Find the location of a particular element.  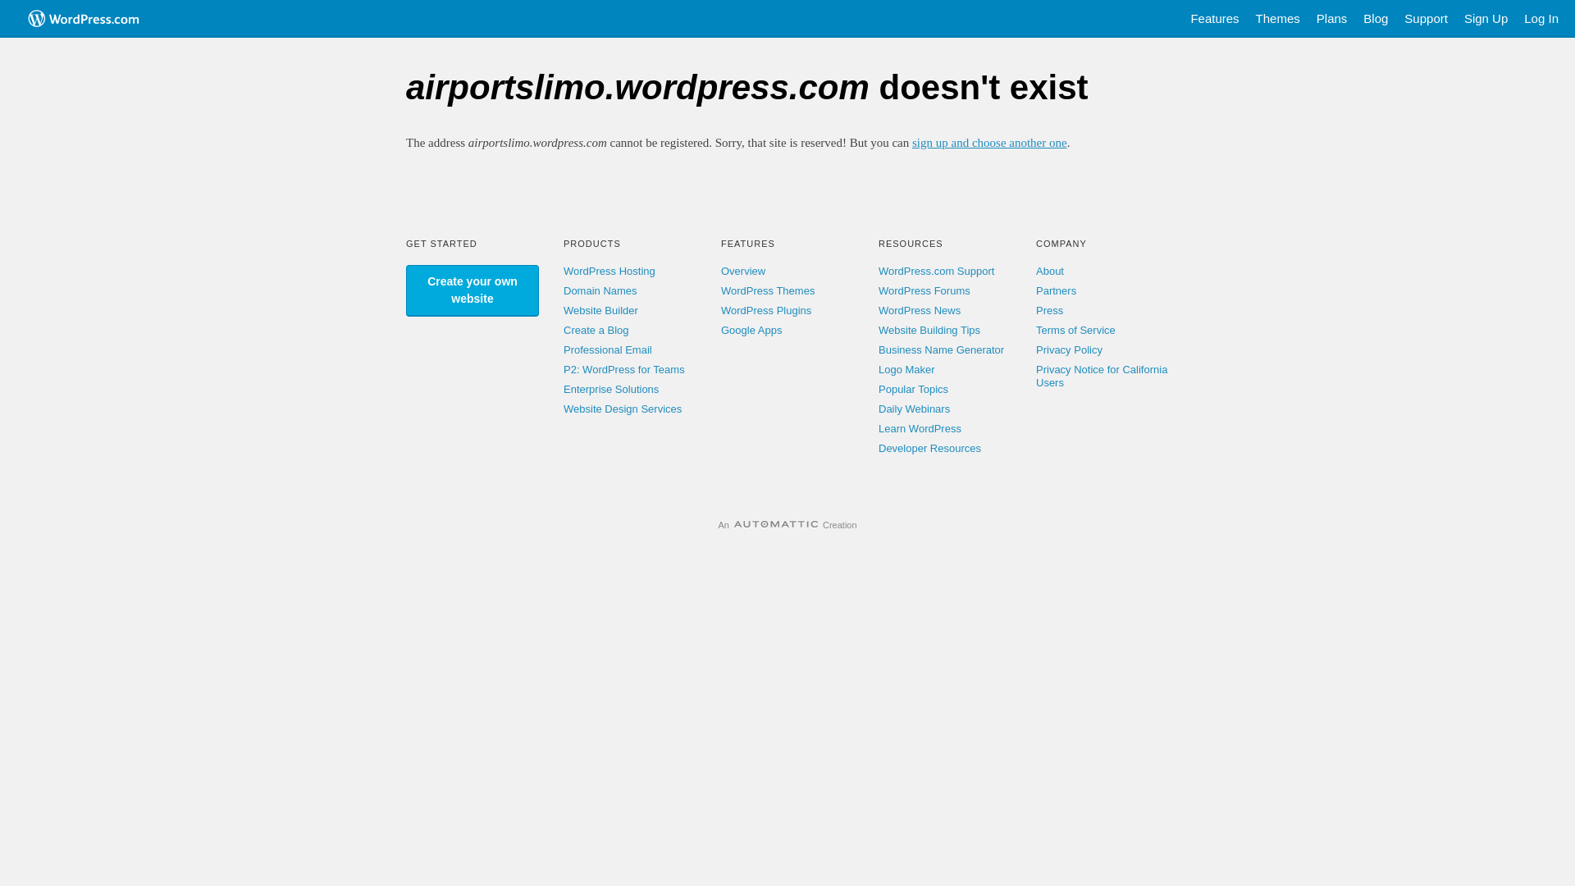

'WordPress Hosting' is located at coordinates (563, 270).